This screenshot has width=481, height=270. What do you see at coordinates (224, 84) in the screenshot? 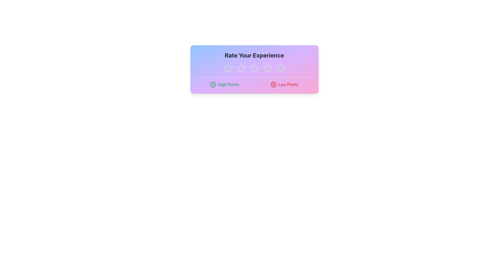
I see `the Label with icon that indicates positive feedback, located in the bottom section of the 'Rate Your Experience' interface, to the left of the 'Low Points' element` at bounding box center [224, 84].